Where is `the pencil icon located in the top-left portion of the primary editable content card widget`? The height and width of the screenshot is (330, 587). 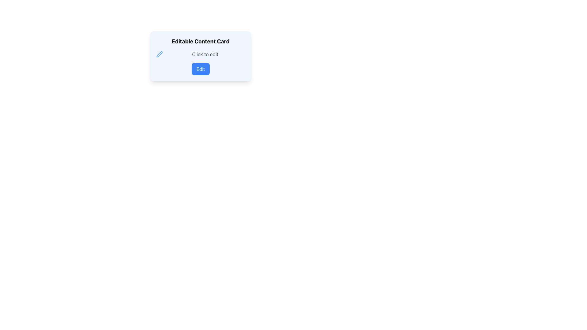 the pencil icon located in the top-left portion of the primary editable content card widget is located at coordinates (159, 54).